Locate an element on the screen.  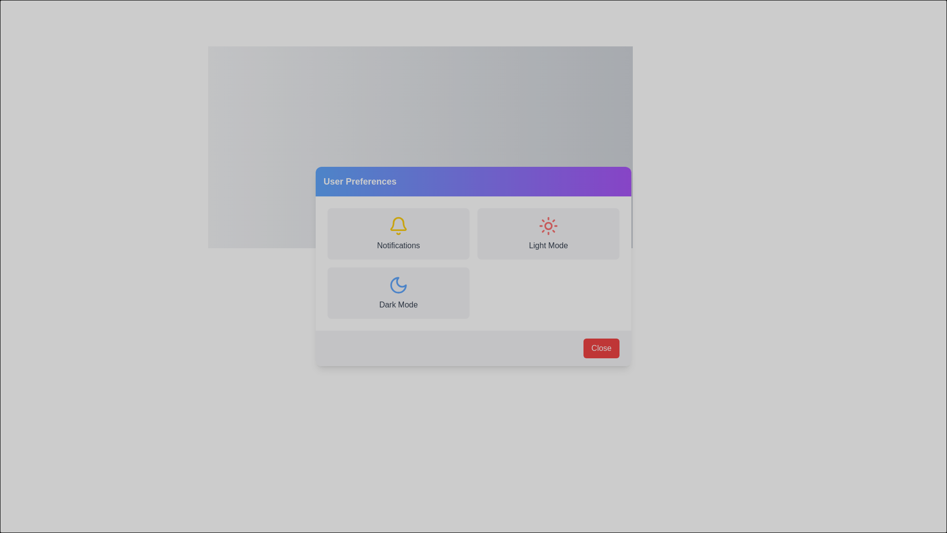
'Dark Mode' button in the User Preferences dialog is located at coordinates (420, 312).